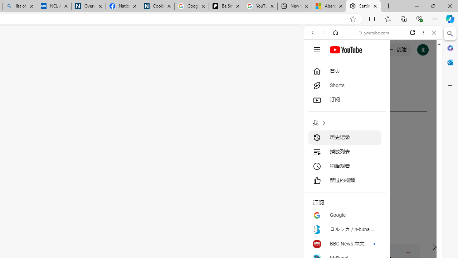 The image size is (458, 258). What do you see at coordinates (157, 6) in the screenshot?
I see `'Cookies'` at bounding box center [157, 6].